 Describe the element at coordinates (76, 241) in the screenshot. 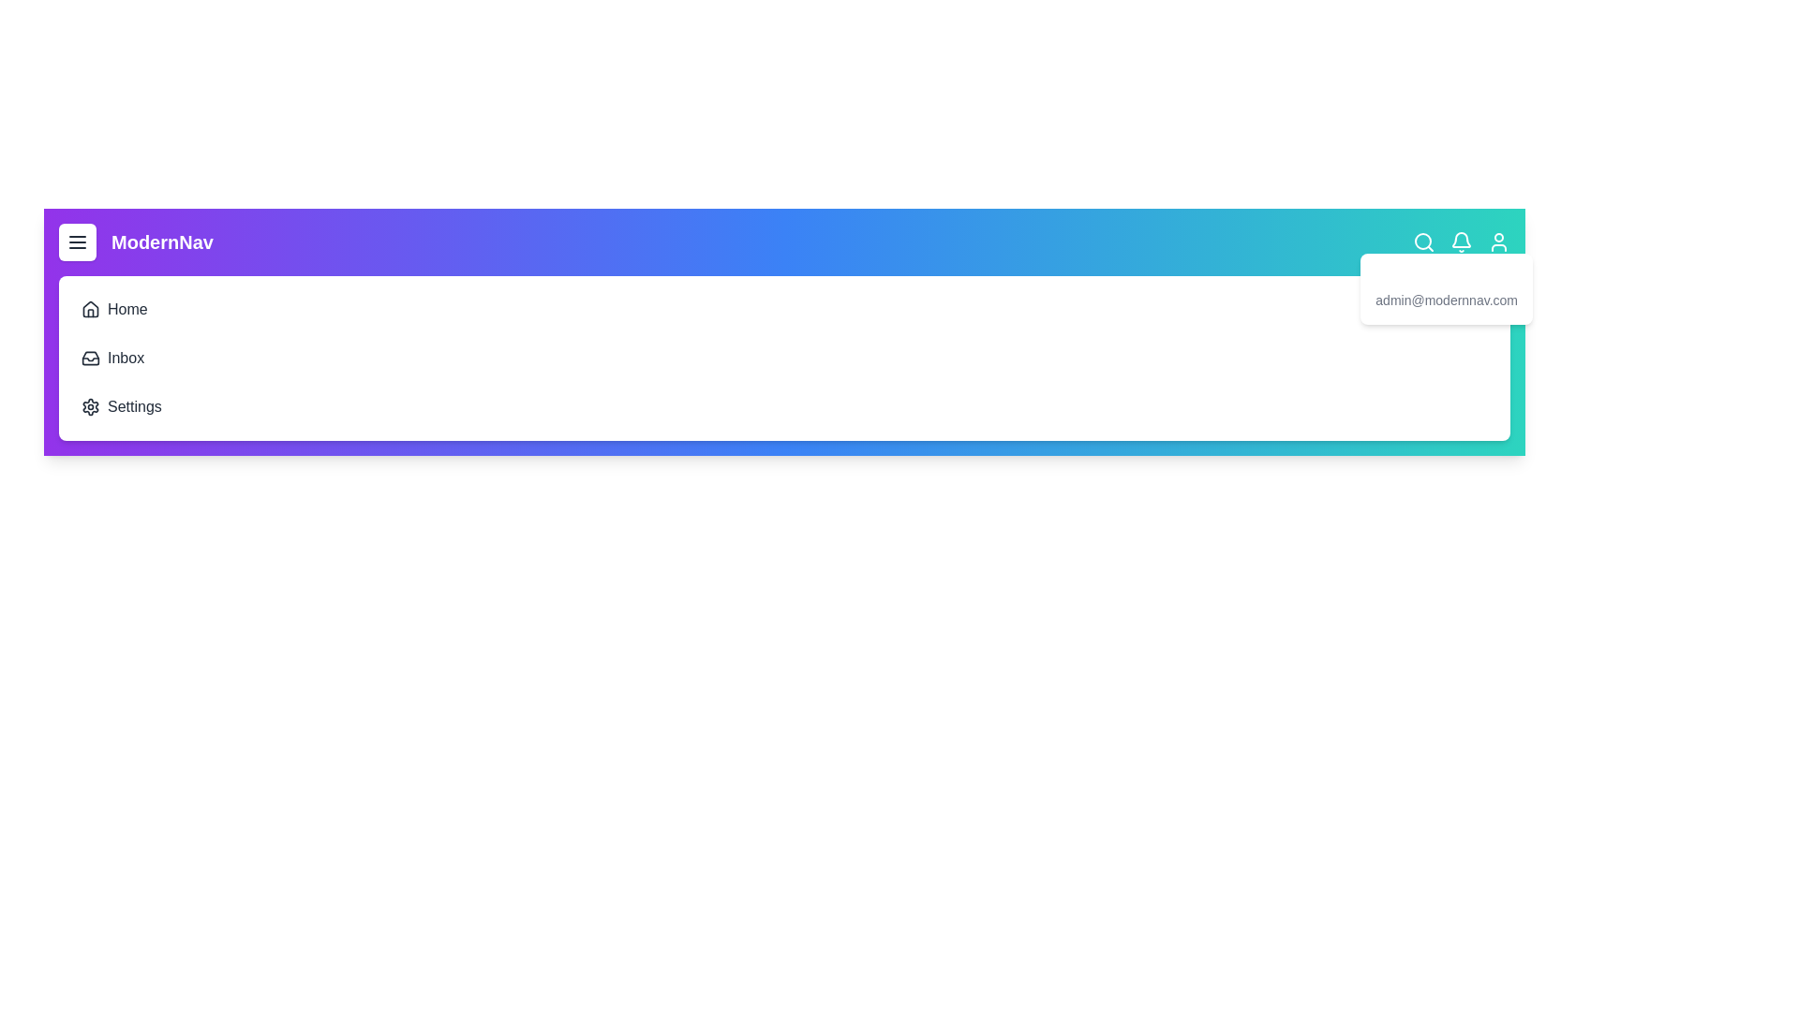

I see `the menu toggle button on the left` at that location.